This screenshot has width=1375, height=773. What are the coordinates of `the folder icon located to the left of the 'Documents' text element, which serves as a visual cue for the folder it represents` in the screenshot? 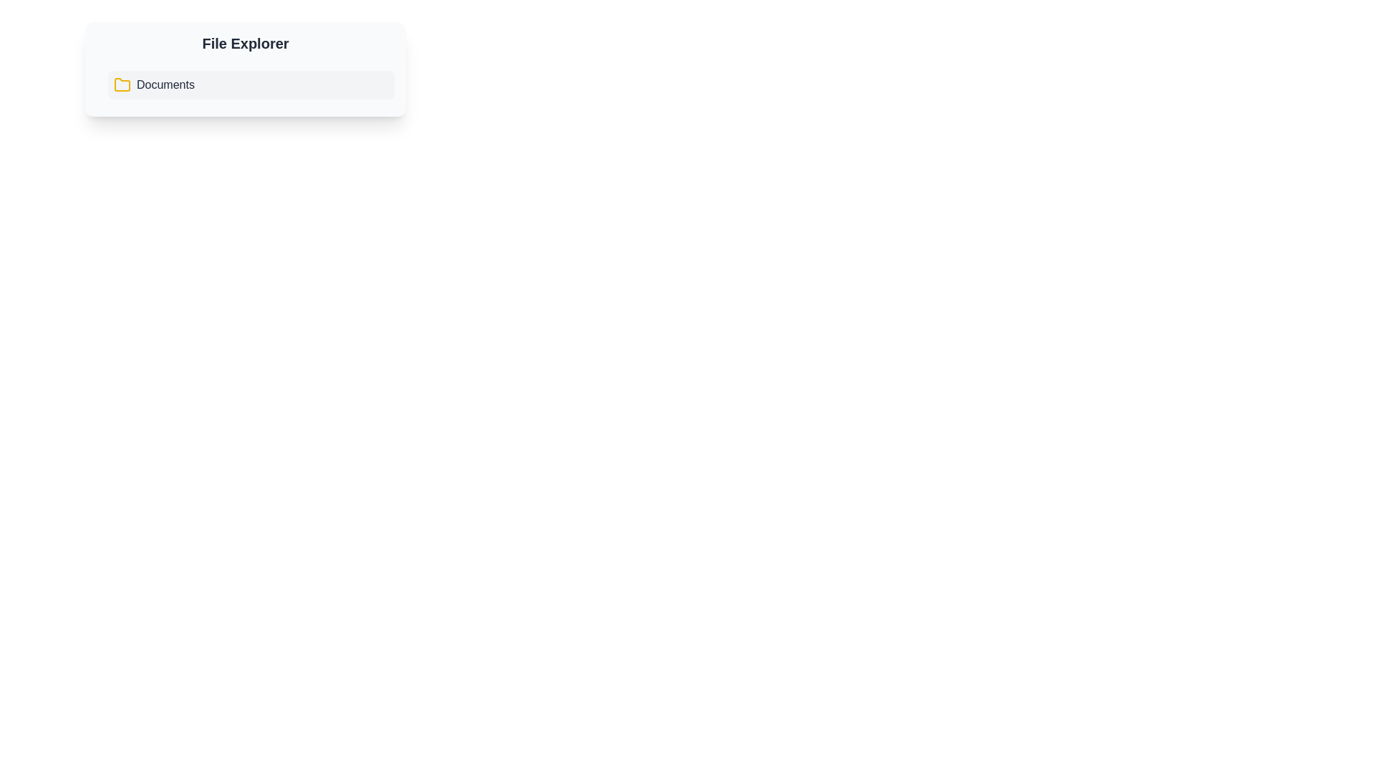 It's located at (122, 85).